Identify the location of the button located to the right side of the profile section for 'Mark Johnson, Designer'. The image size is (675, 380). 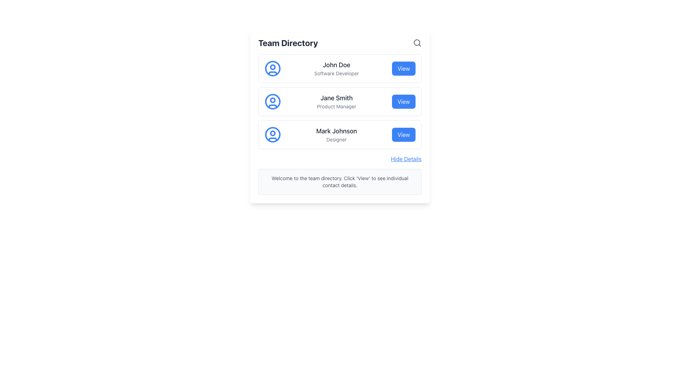
(404, 134).